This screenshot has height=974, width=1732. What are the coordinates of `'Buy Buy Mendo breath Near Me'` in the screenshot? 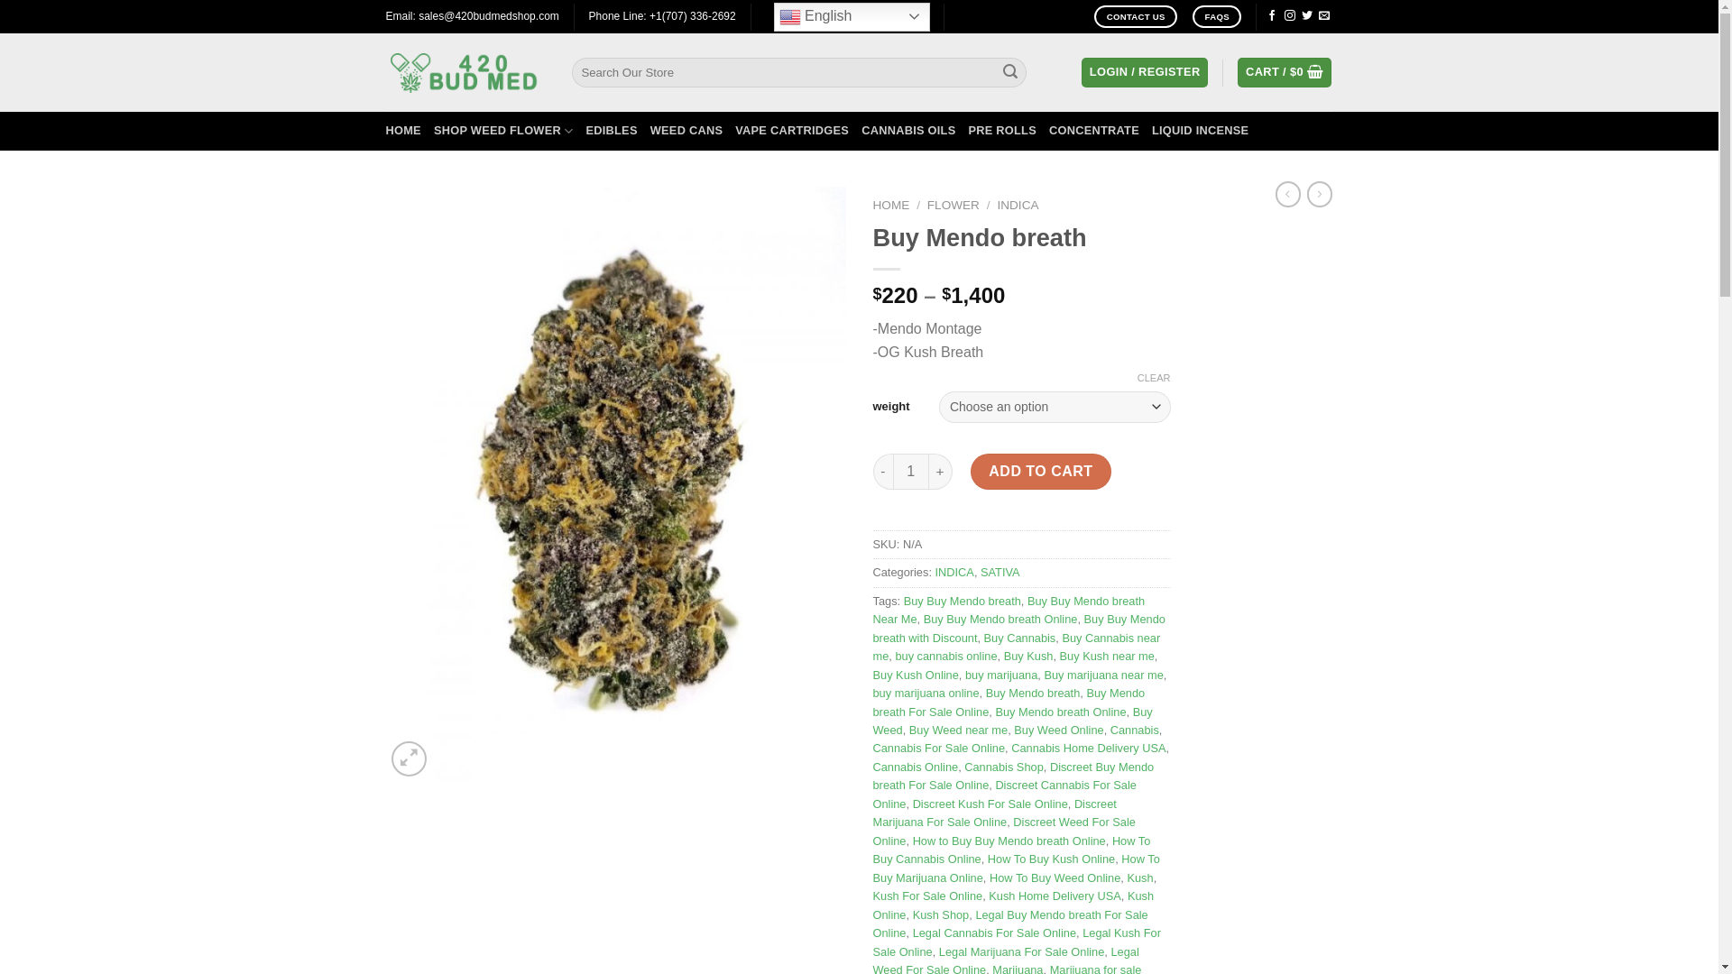 It's located at (1008, 609).